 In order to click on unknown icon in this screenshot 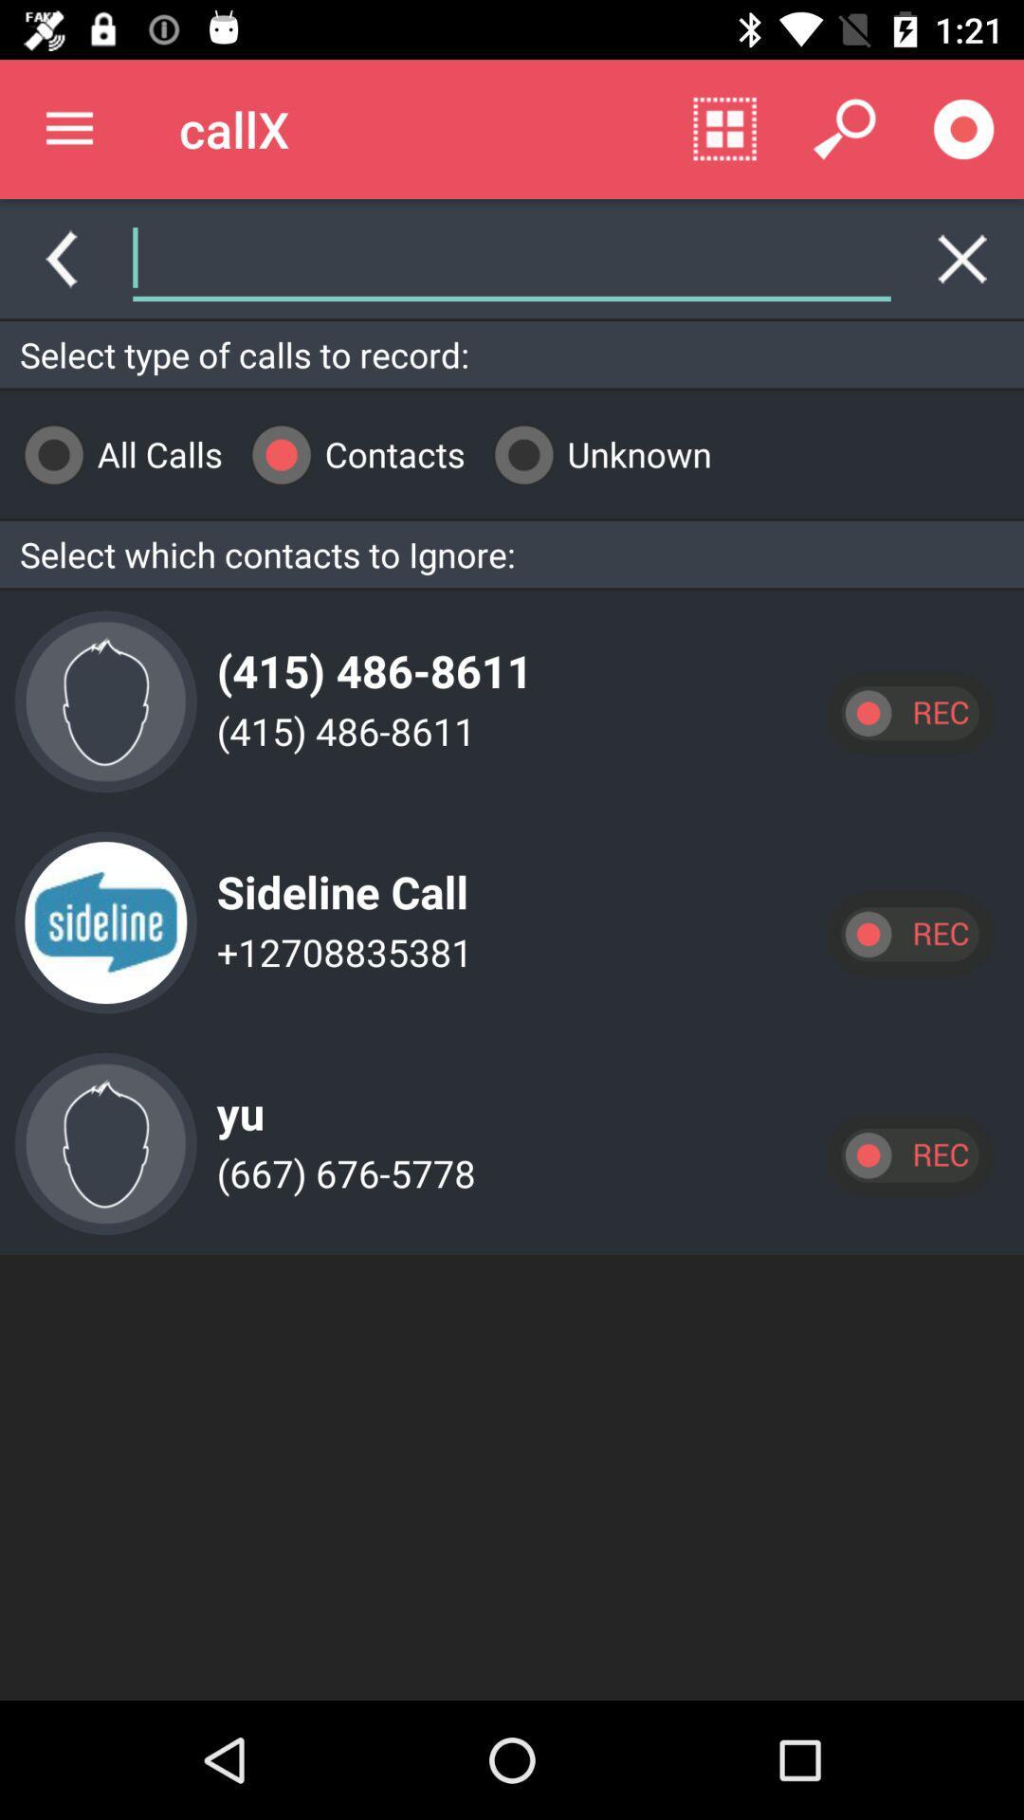, I will do `click(594, 453)`.